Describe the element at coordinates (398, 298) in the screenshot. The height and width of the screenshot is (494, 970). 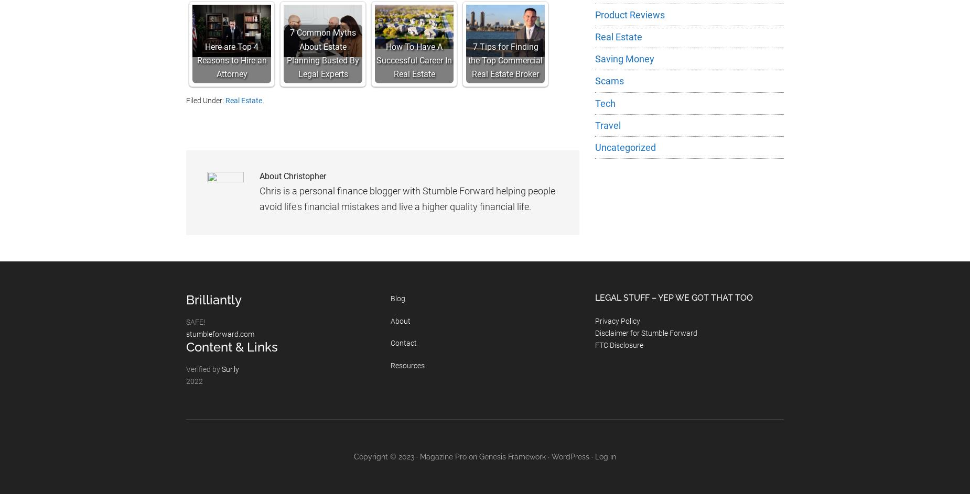
I see `'Blog'` at that location.